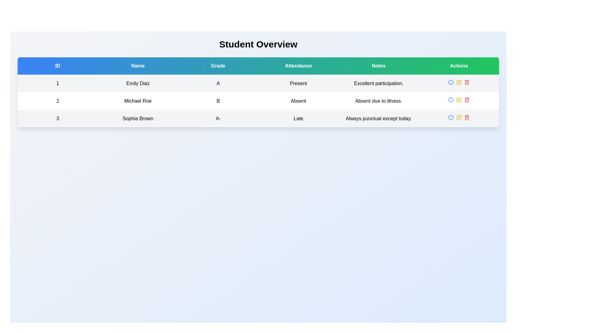 The image size is (593, 333). Describe the element at coordinates (57, 118) in the screenshot. I see `the text label displaying '3'` at that location.